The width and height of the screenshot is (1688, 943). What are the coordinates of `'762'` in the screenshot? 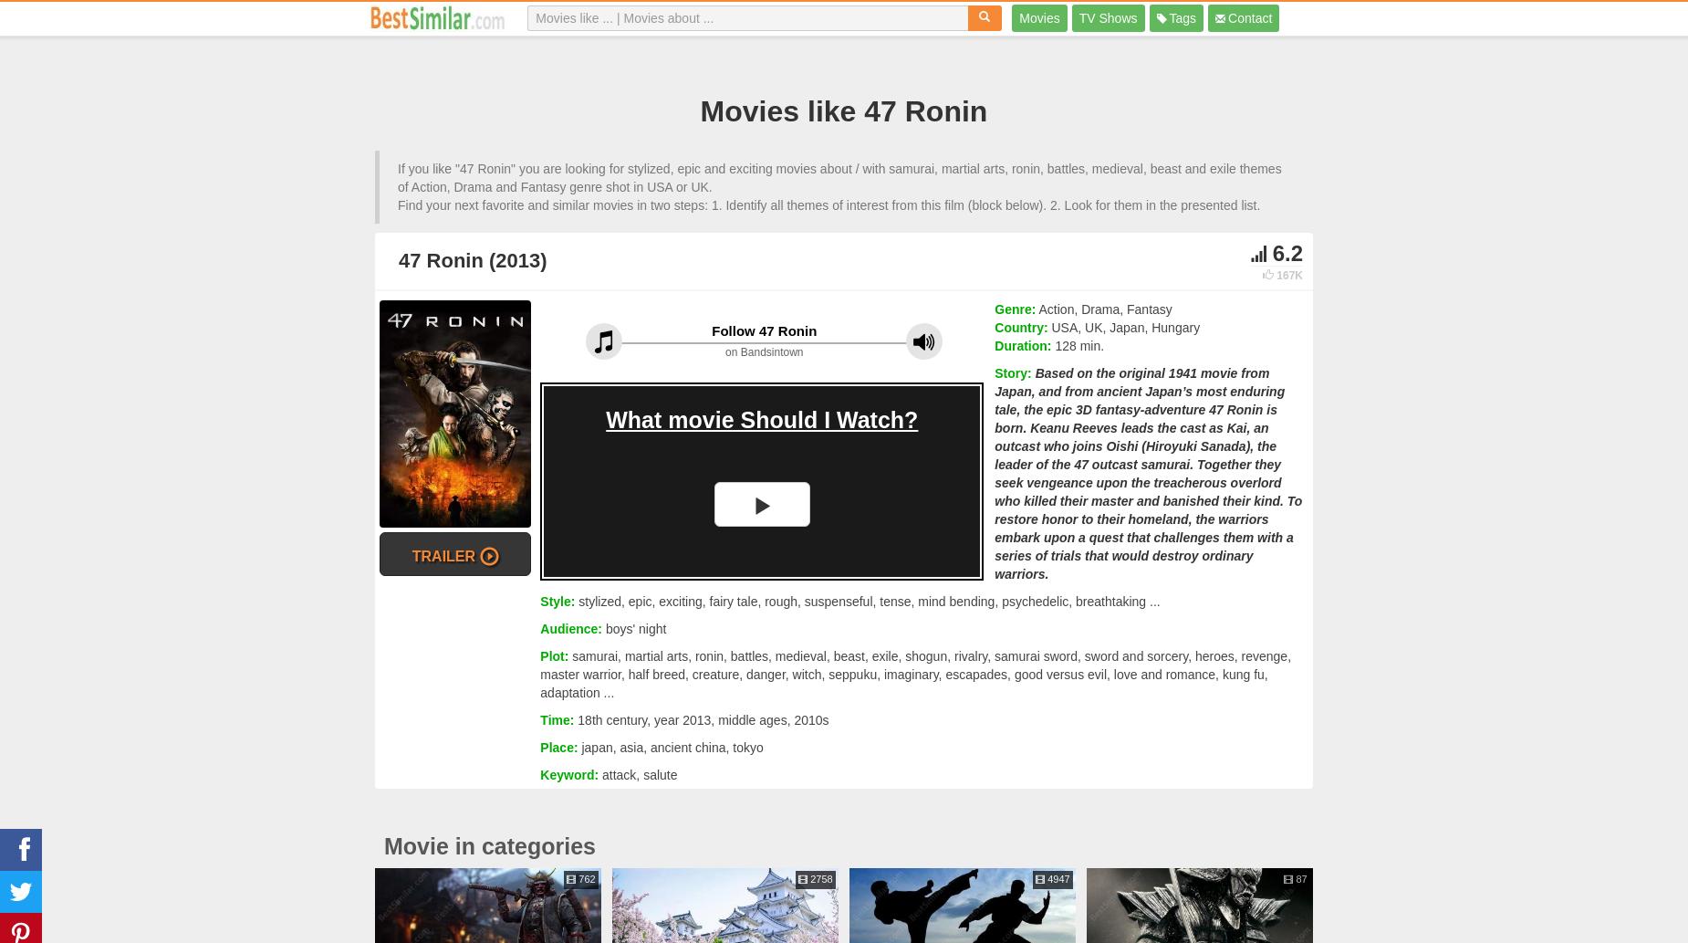 It's located at (585, 877).